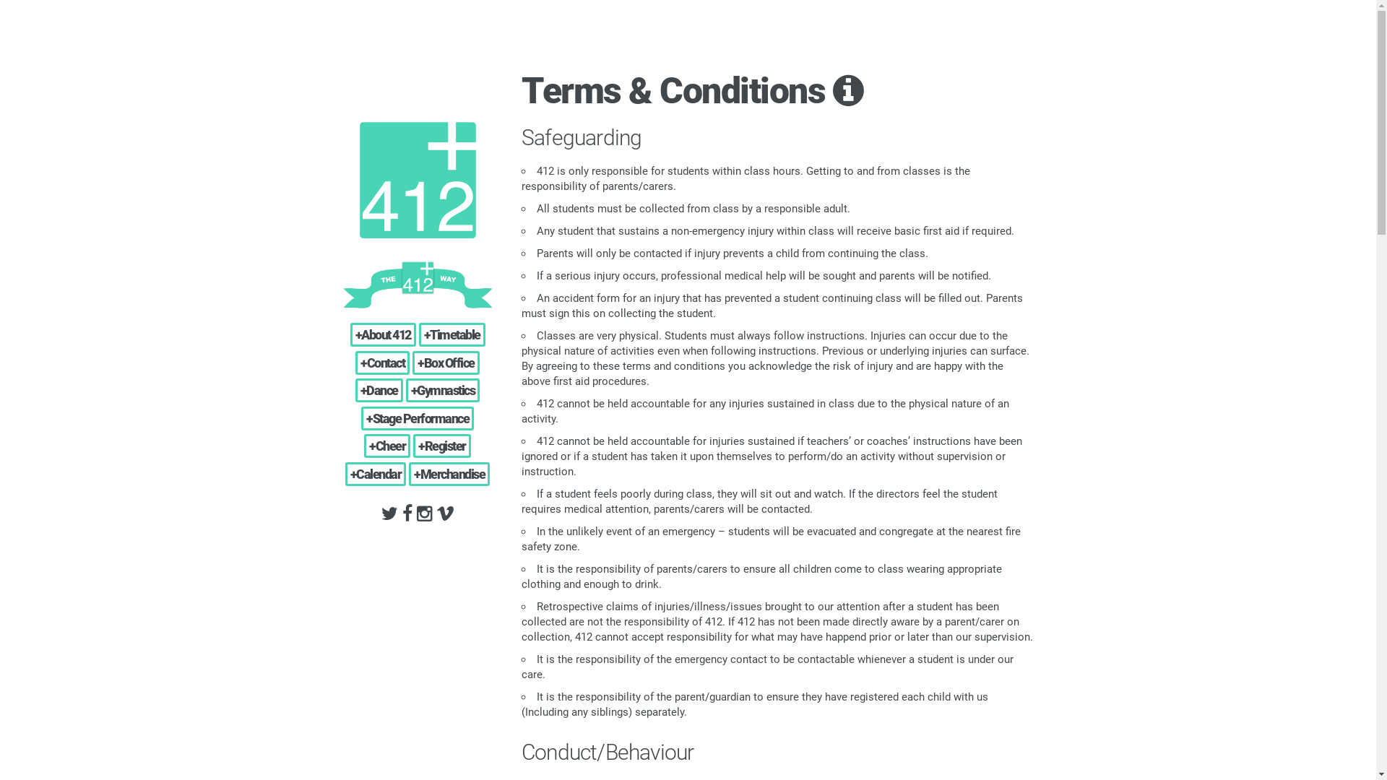  Describe the element at coordinates (383, 334) in the screenshot. I see `'+About 412'` at that location.